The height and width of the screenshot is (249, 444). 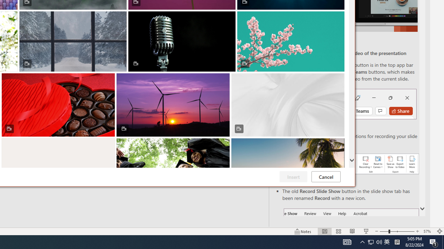 I want to click on 'Cancel', so click(x=326, y=176).